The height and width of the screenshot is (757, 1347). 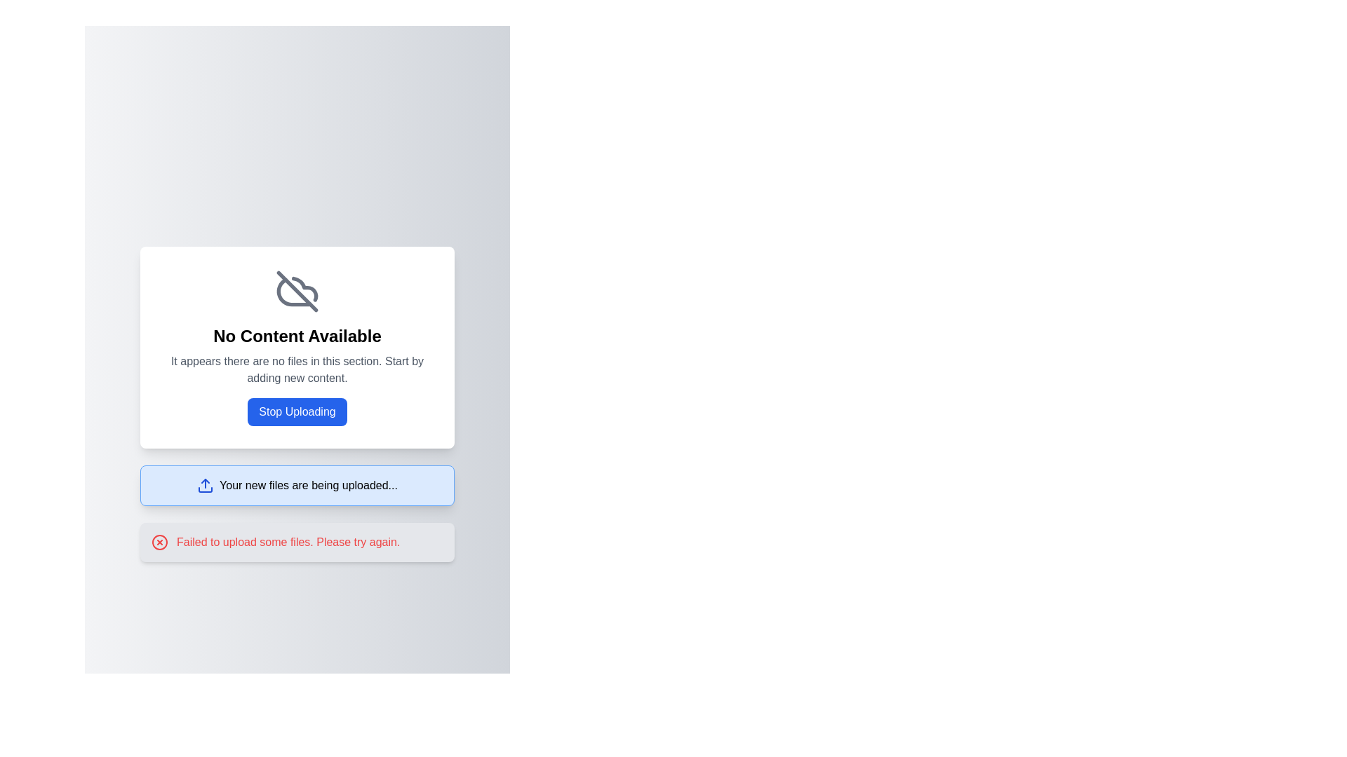 What do you see at coordinates (159, 542) in the screenshot?
I see `the error indication icon located in the horizontal notification box with a gray background, positioned to the left of the explanatory message stating 'Failed to upload some files. Please try again.'` at bounding box center [159, 542].